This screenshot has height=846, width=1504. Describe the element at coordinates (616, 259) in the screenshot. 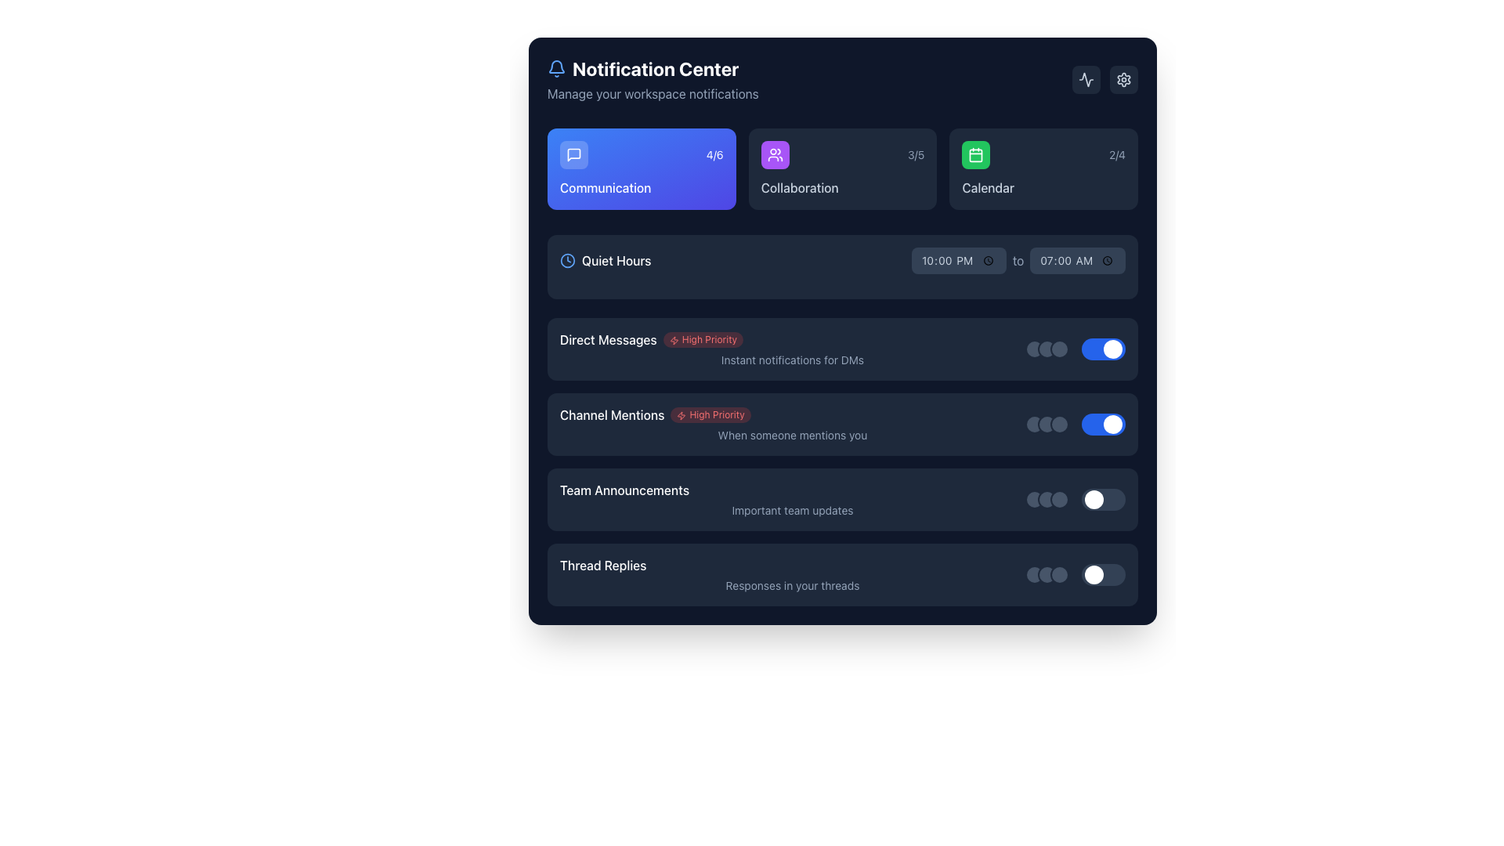

I see `the 'Quiet Hours' text label, which is styled with a medium-weight font and white text color against a dark background, located in the Notification Center under the Communication tab` at that location.